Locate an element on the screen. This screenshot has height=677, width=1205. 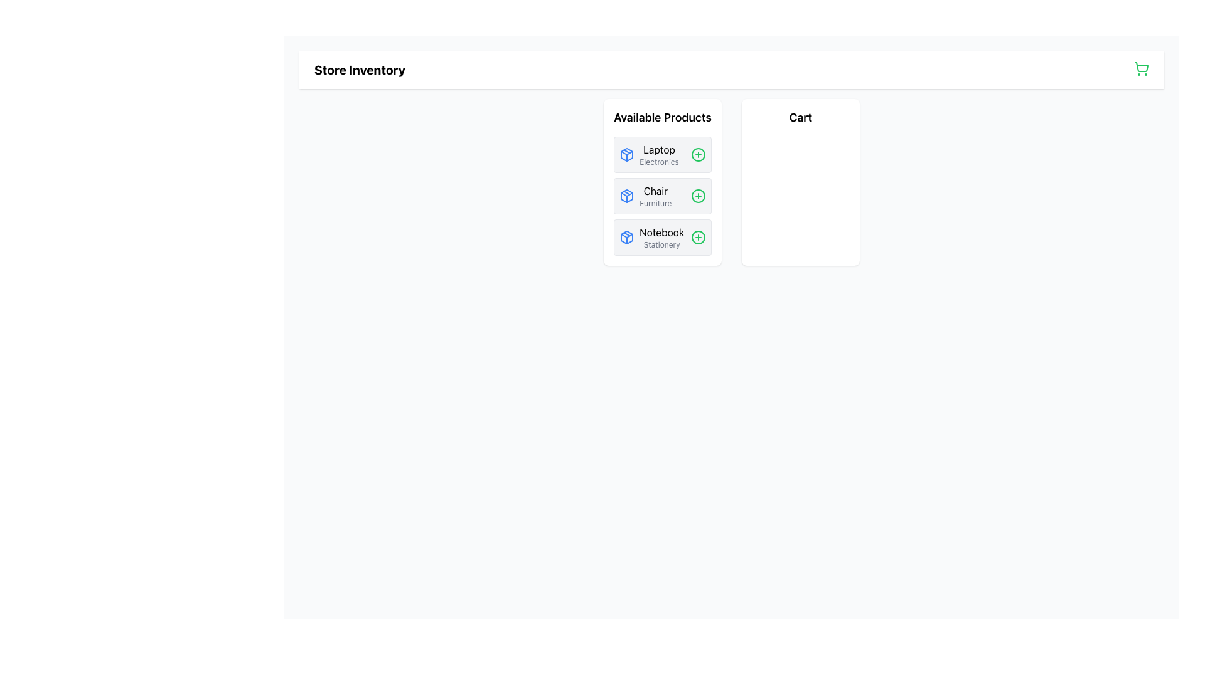
the 'Chair' text label, which is the middle item in the 'Available Products' column, positioned between 'Laptop Electronics' and 'Notebook Stationery' is located at coordinates (655, 196).